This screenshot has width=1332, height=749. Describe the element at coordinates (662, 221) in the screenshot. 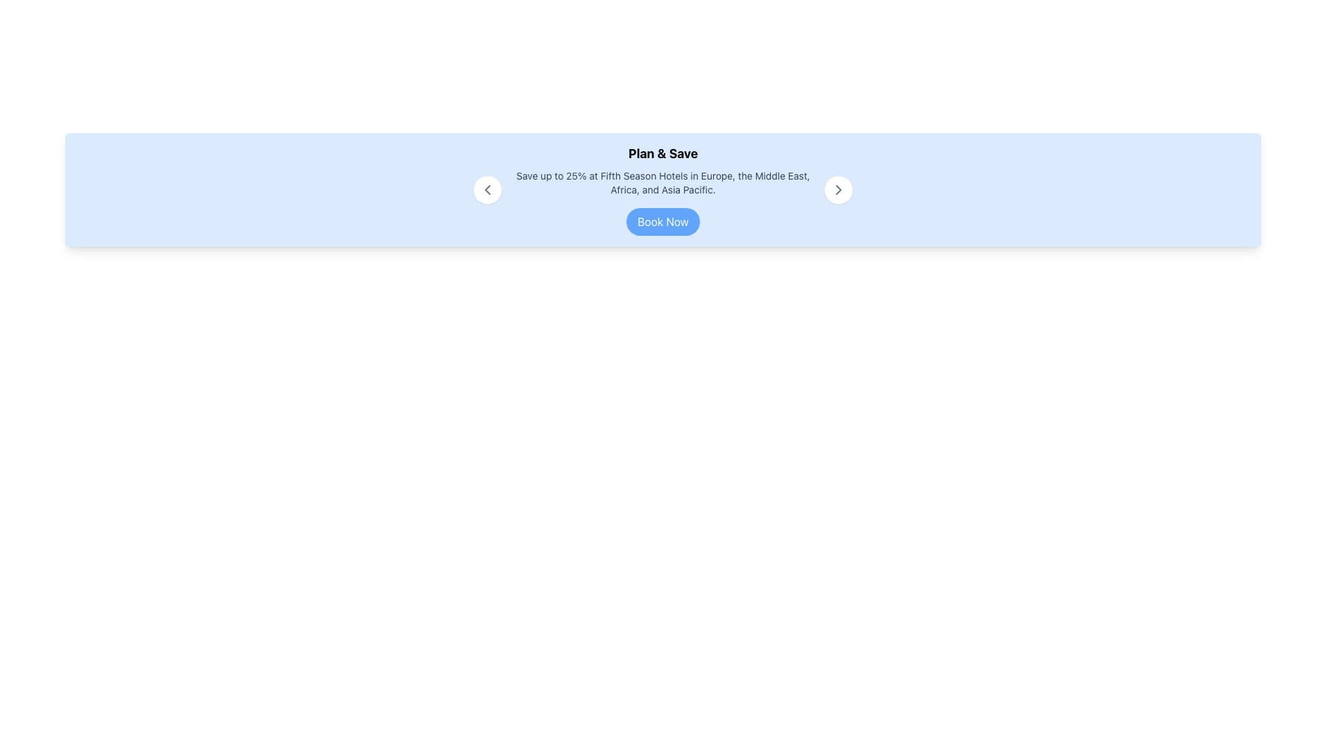

I see `the 'Book Now' button, which is a rectangular button with white text on a light blue background, centrally located below the descriptive text in its section` at that location.